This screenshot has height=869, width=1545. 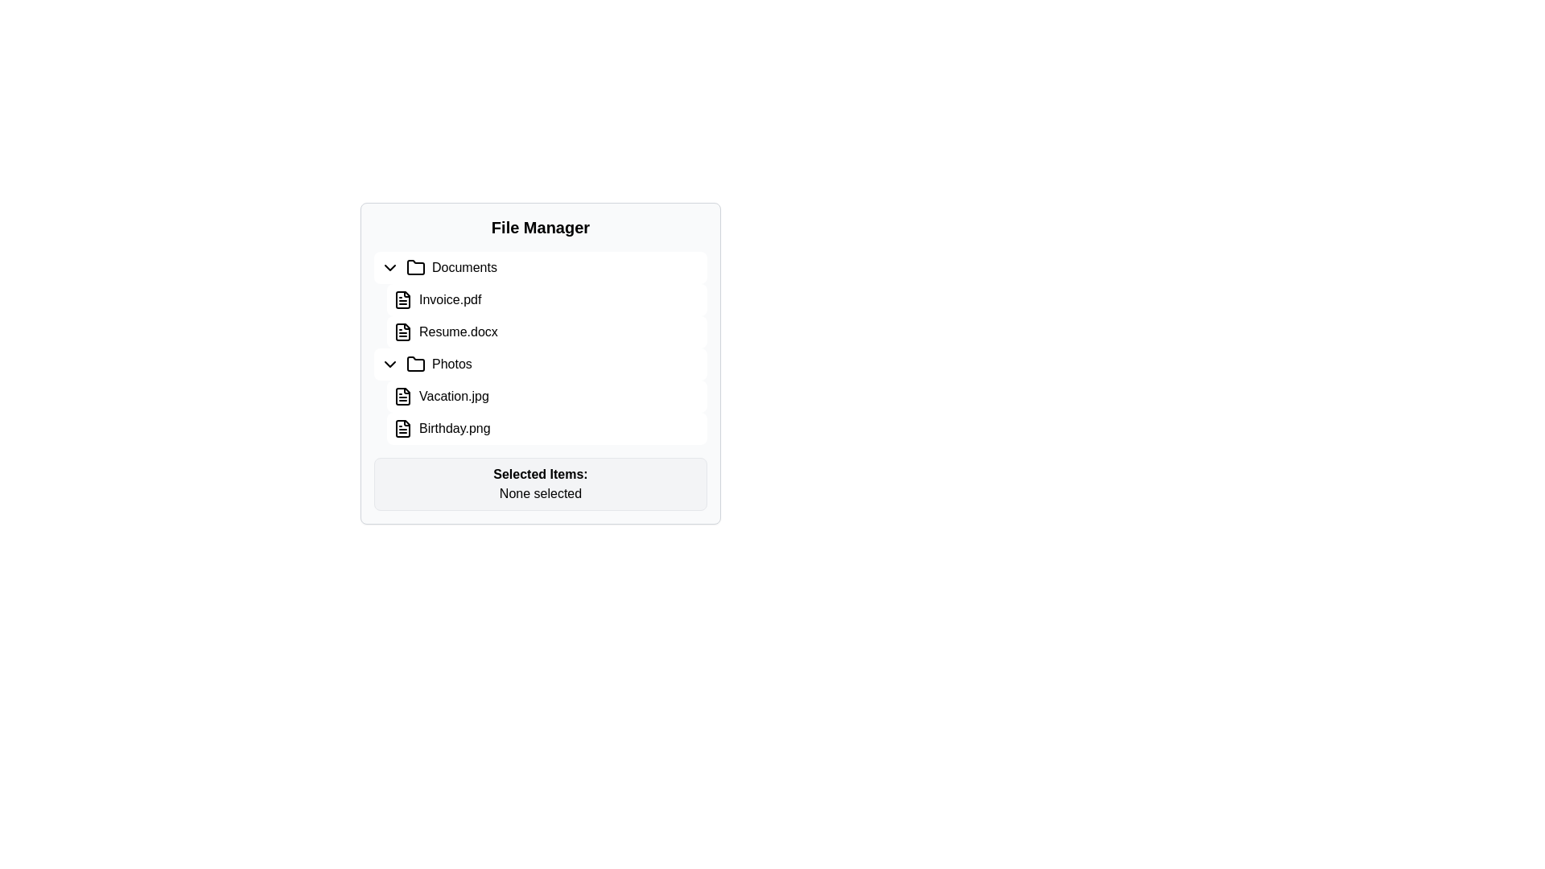 What do you see at coordinates (463, 266) in the screenshot?
I see `the text label for the 'Documents' folder` at bounding box center [463, 266].